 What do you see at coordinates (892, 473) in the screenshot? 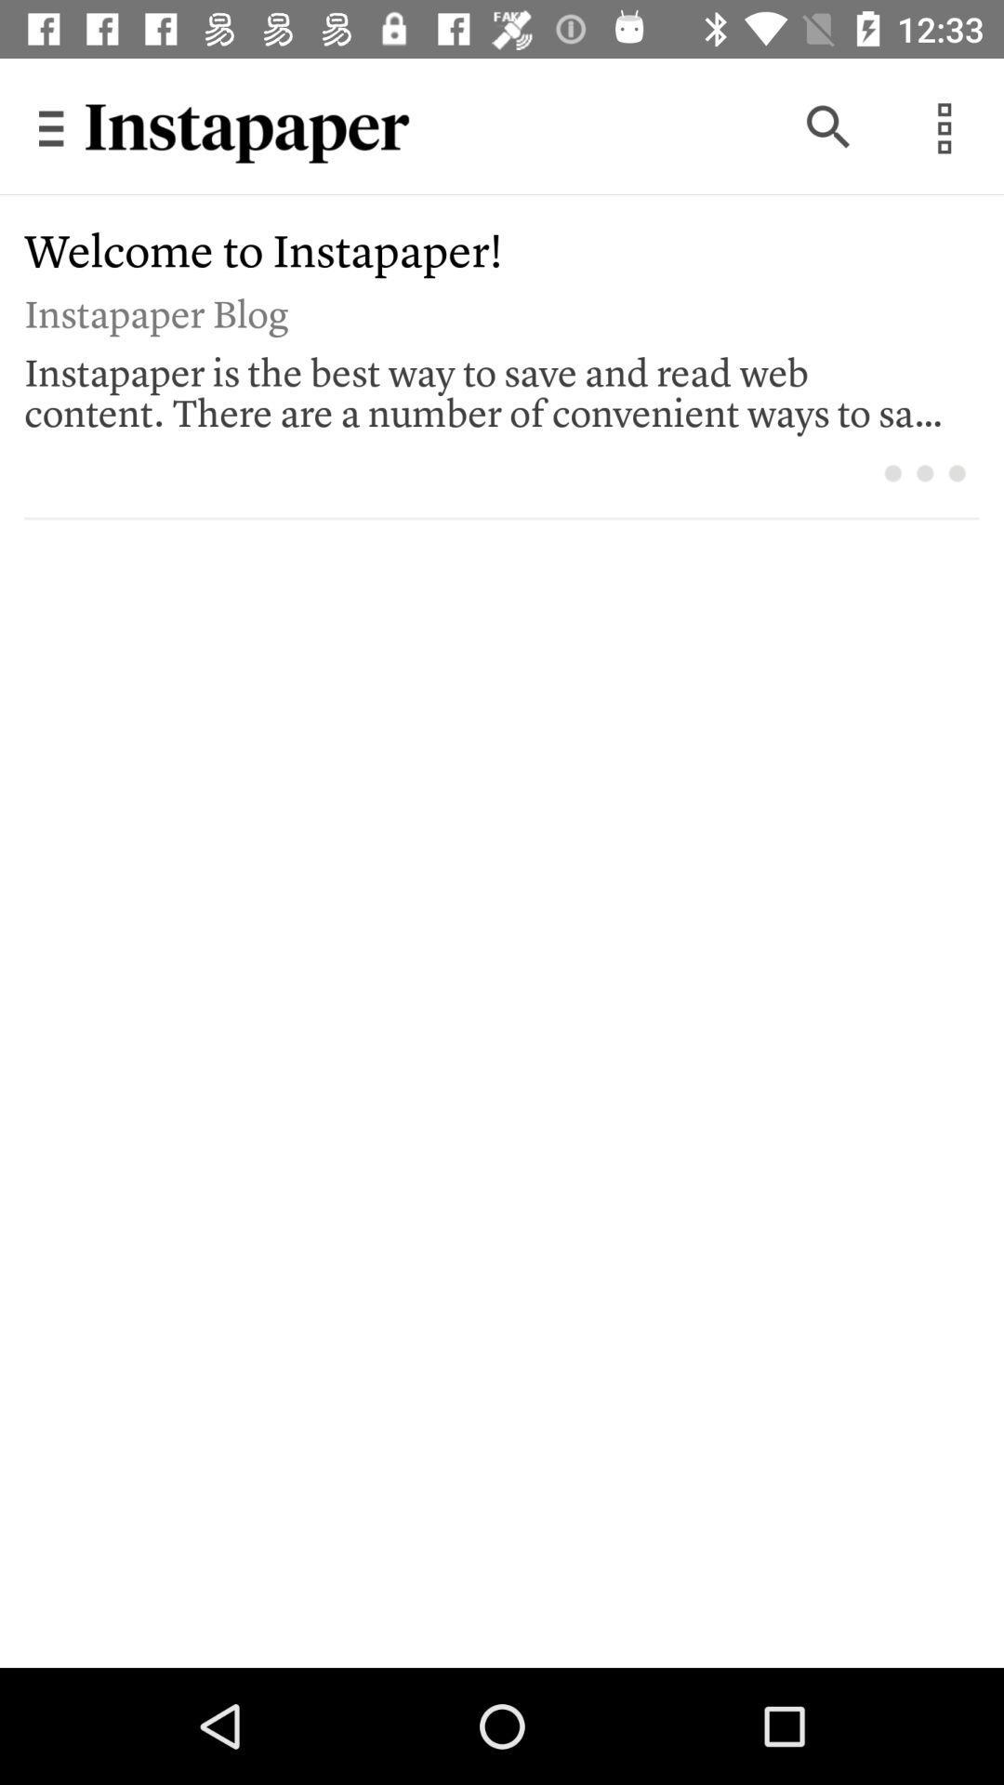
I see `icon below the instapaper is the item` at bounding box center [892, 473].